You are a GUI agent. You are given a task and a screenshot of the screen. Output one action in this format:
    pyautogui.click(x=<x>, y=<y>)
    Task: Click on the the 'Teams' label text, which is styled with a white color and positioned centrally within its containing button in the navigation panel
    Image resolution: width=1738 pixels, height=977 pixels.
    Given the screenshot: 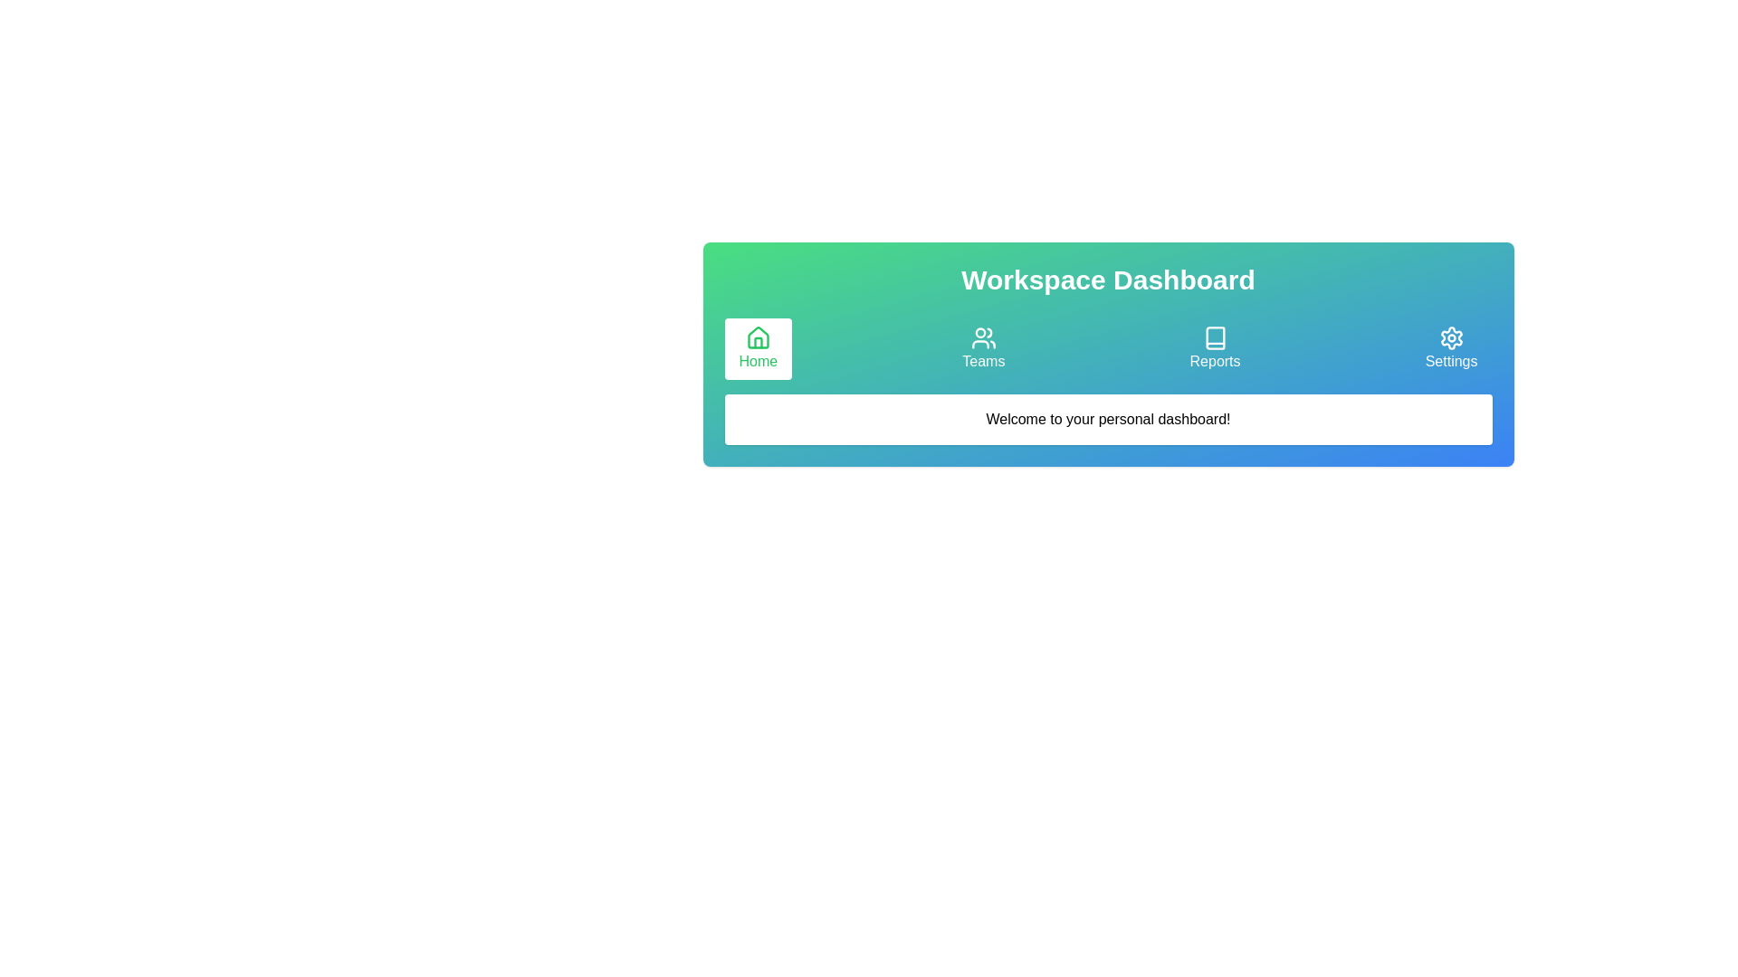 What is the action you would take?
    pyautogui.click(x=982, y=362)
    